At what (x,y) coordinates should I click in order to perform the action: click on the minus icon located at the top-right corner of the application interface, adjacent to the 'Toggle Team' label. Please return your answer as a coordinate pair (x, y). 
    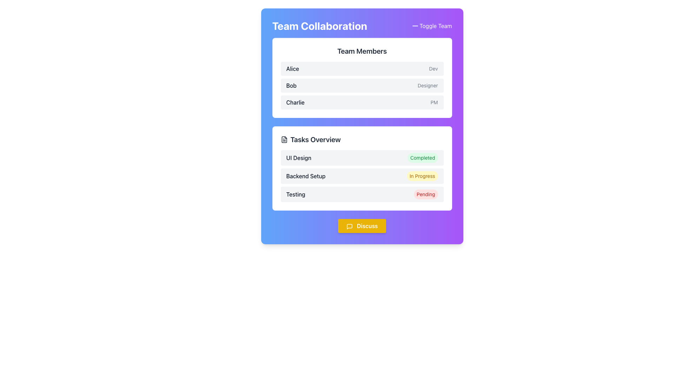
    Looking at the image, I should click on (415, 25).